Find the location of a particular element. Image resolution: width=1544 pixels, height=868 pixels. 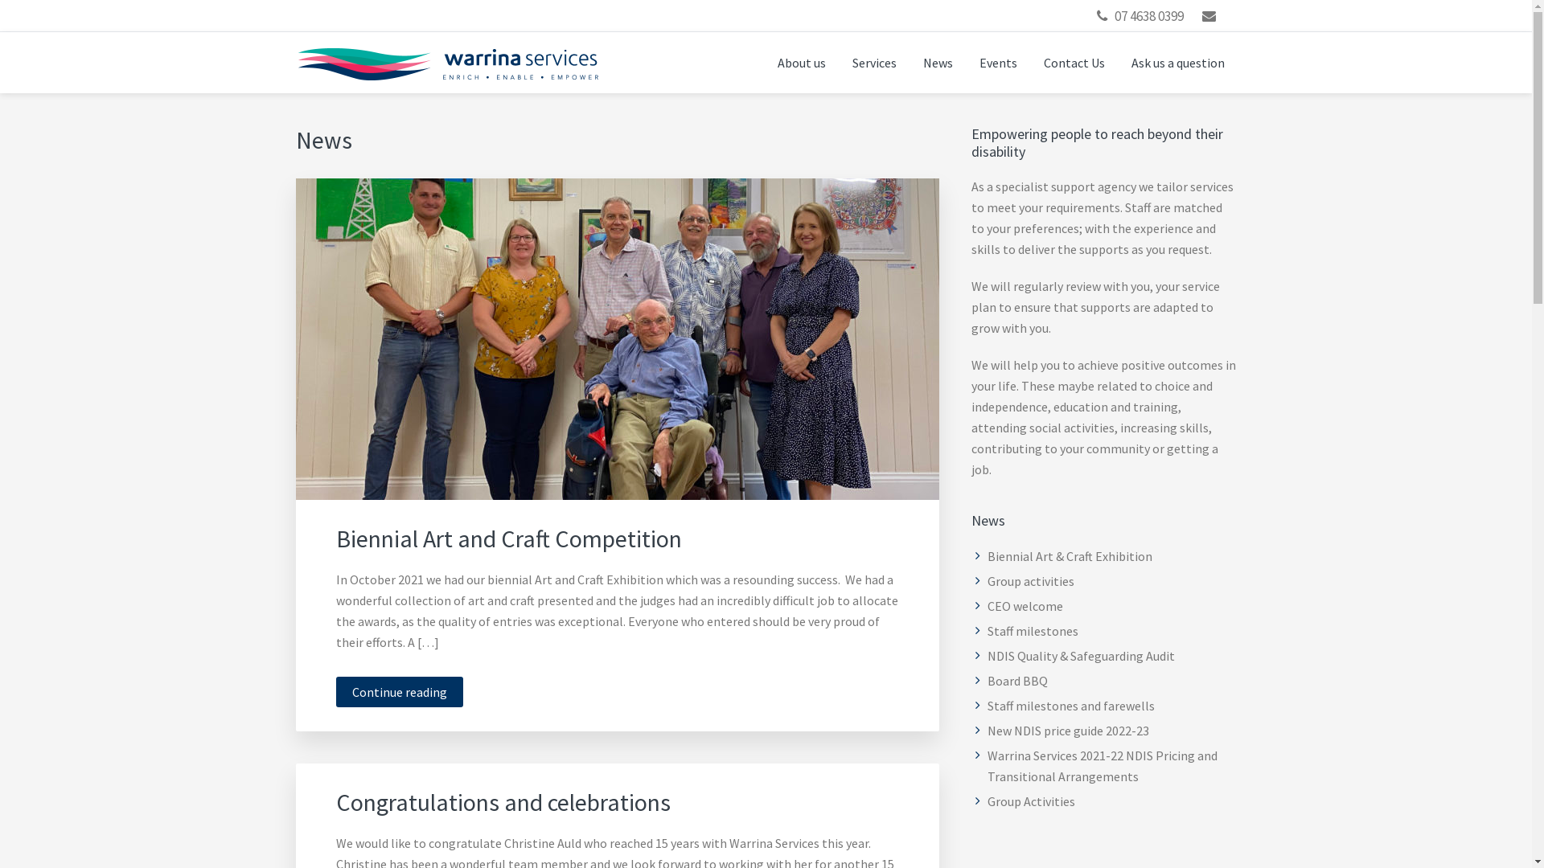

'Ask us a question' is located at coordinates (1119, 61).